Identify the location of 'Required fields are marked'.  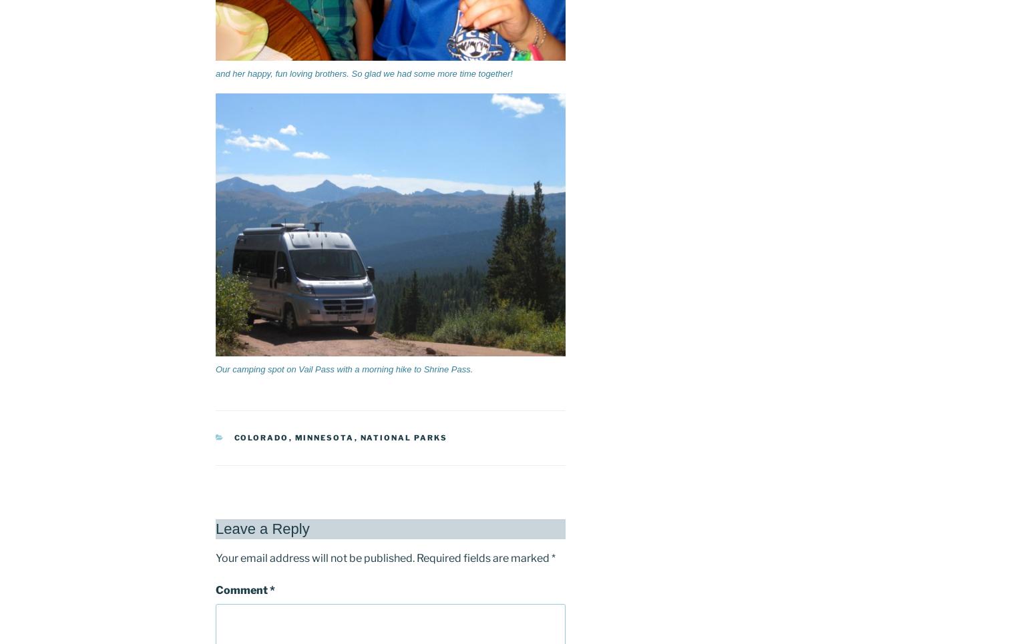
(483, 557).